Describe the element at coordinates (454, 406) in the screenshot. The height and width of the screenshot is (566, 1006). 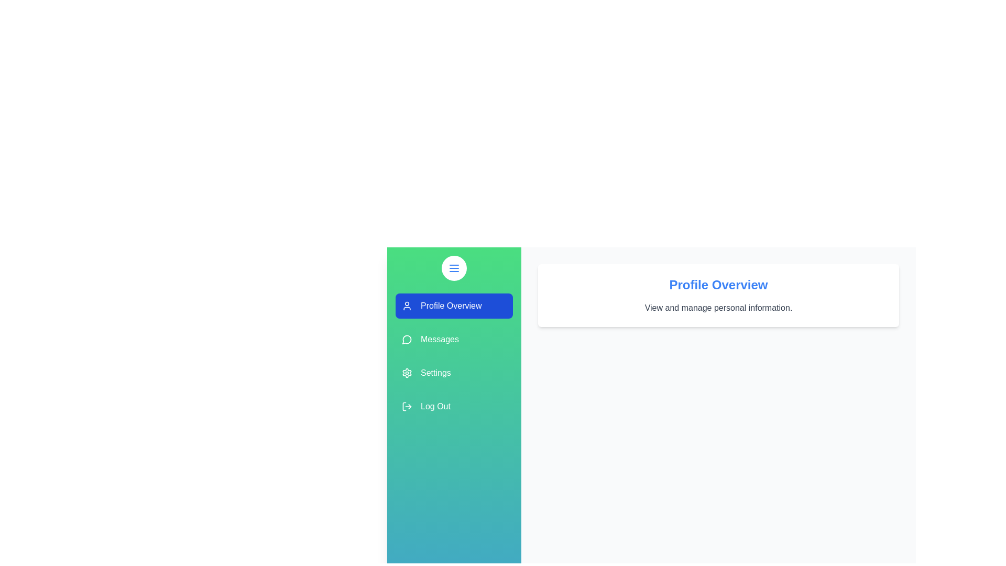
I see `the section Log Out by clicking on its corresponding area` at that location.